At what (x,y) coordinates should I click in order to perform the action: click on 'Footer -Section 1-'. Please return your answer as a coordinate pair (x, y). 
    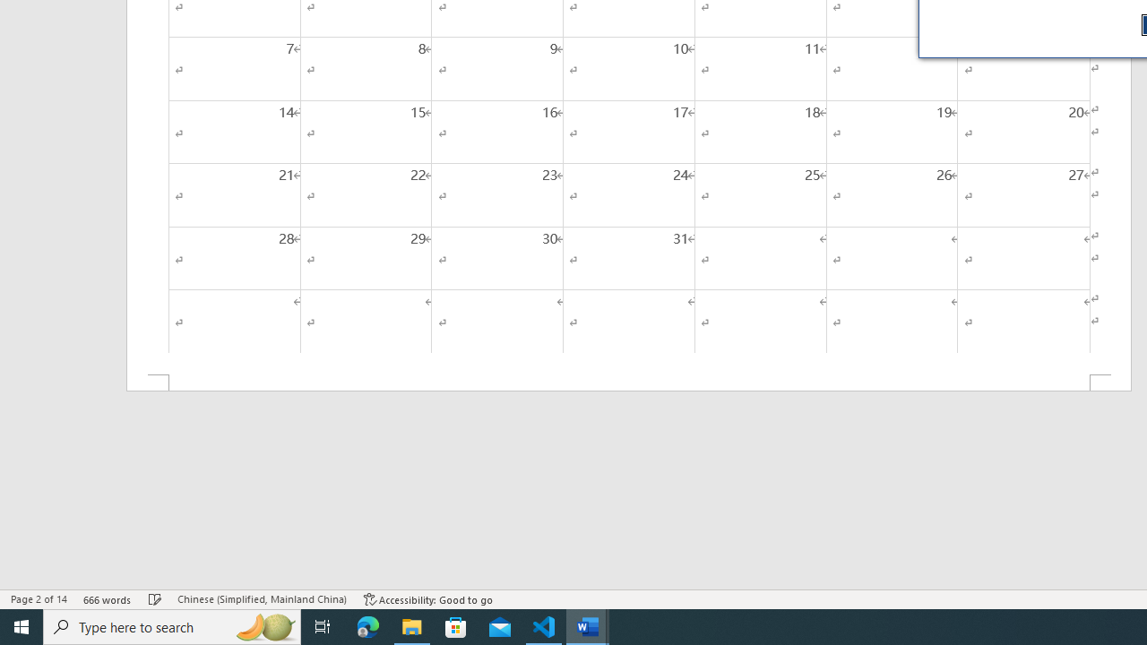
    Looking at the image, I should click on (629, 382).